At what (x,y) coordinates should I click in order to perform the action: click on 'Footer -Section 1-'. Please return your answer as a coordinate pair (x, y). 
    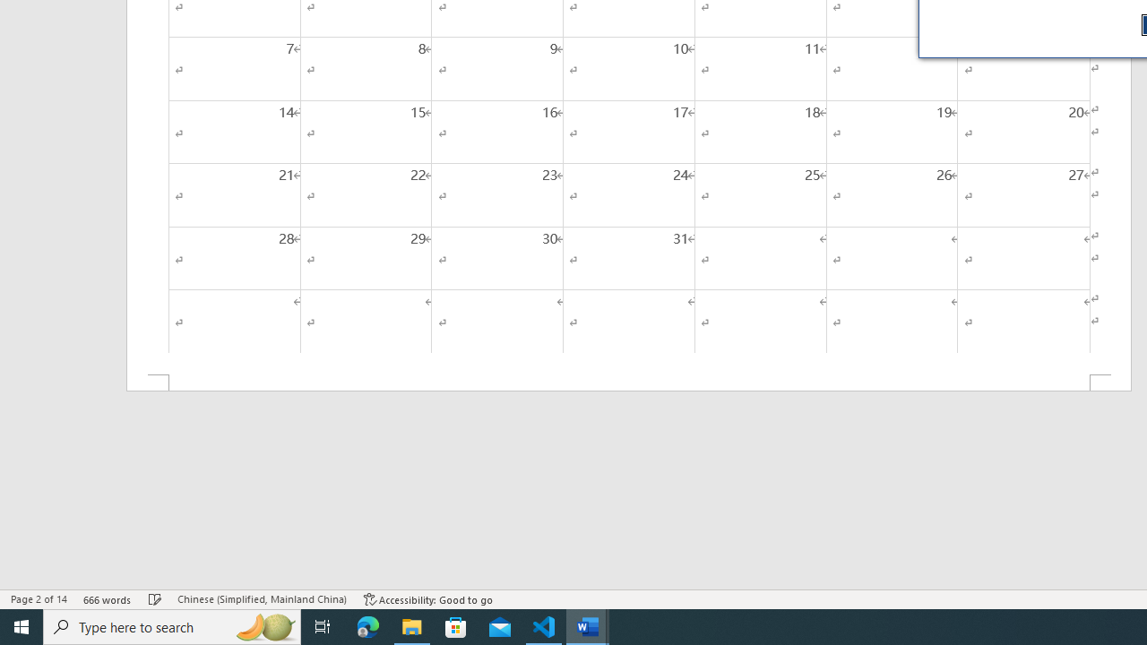
    Looking at the image, I should click on (629, 382).